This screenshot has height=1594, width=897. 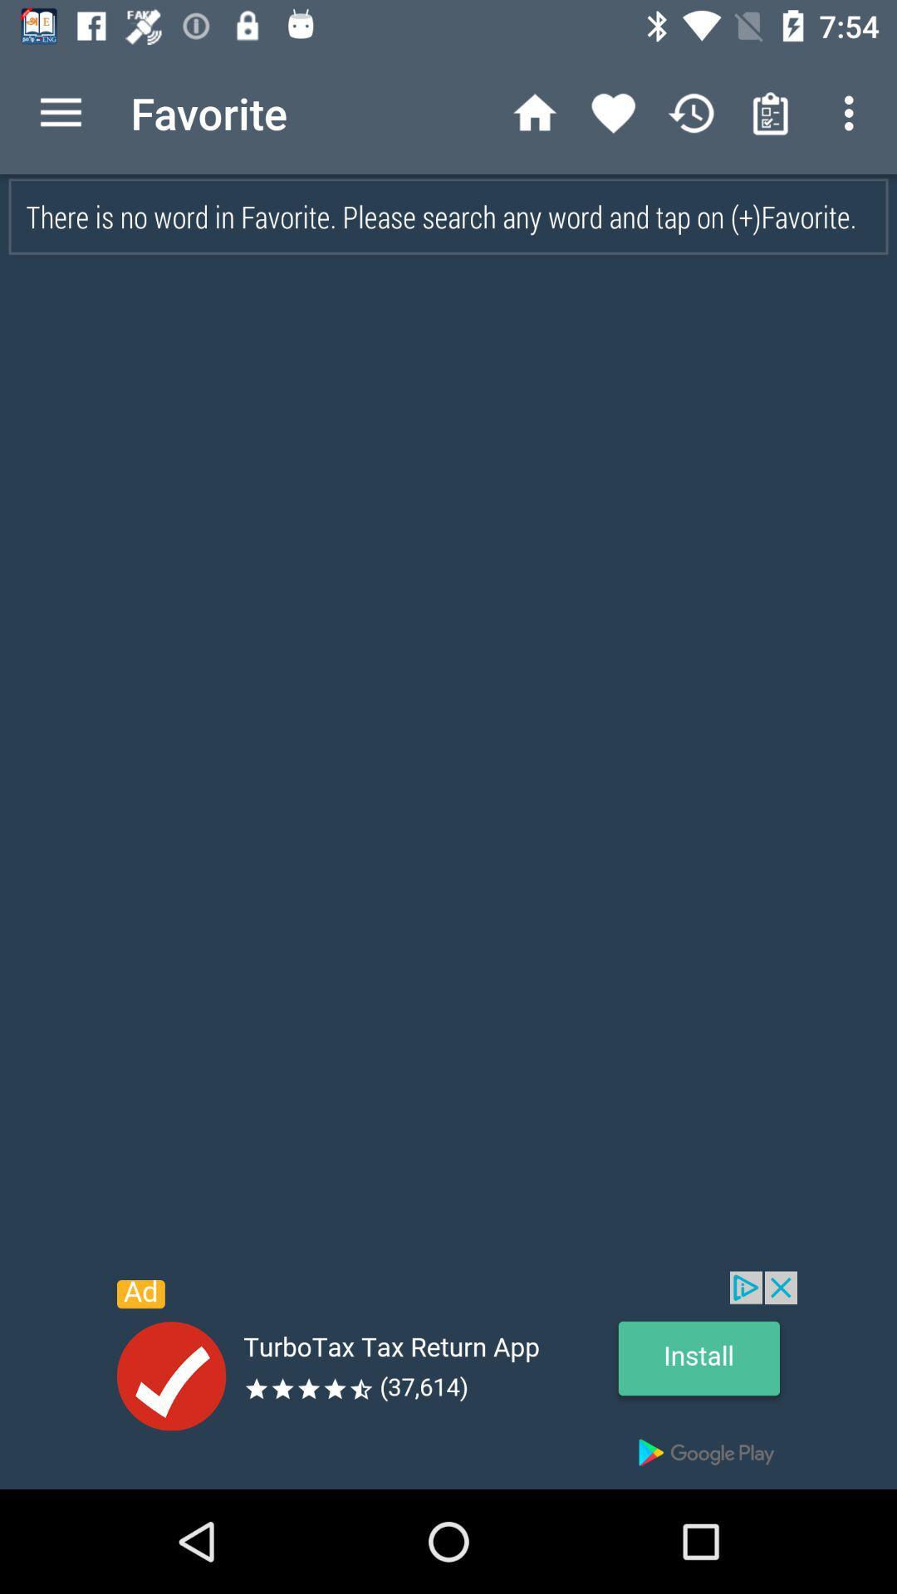 I want to click on click advertisement, so click(x=448, y=1380).